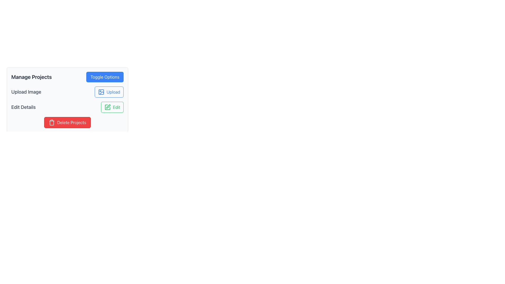 The image size is (505, 284). What do you see at coordinates (101, 92) in the screenshot?
I see `the blue image icon with a rectangular frame and circular detail located to the left of the 'Upload' button` at bounding box center [101, 92].